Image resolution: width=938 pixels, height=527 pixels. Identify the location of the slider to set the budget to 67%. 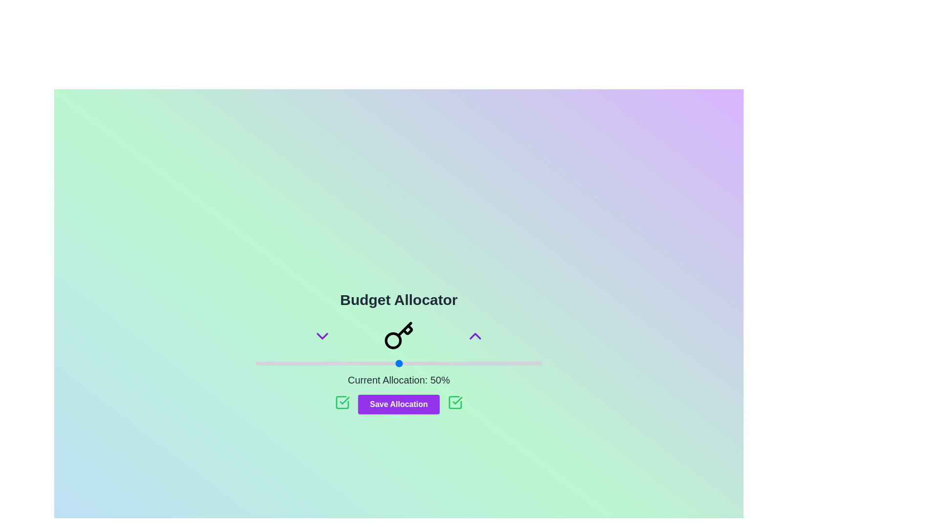
(447, 363).